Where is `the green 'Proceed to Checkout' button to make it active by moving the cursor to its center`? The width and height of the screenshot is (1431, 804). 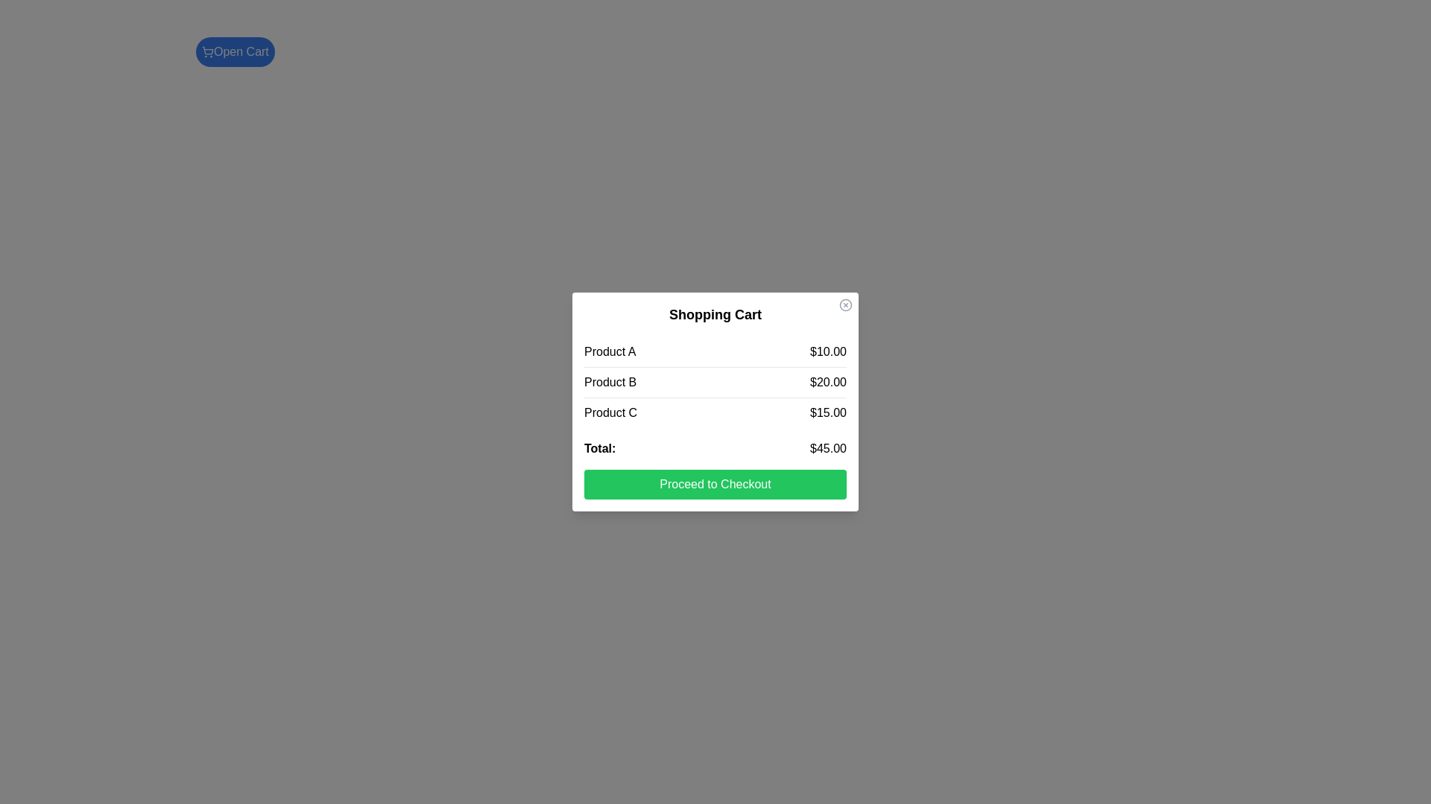
the green 'Proceed to Checkout' button to make it active by moving the cursor to its center is located at coordinates (715, 485).